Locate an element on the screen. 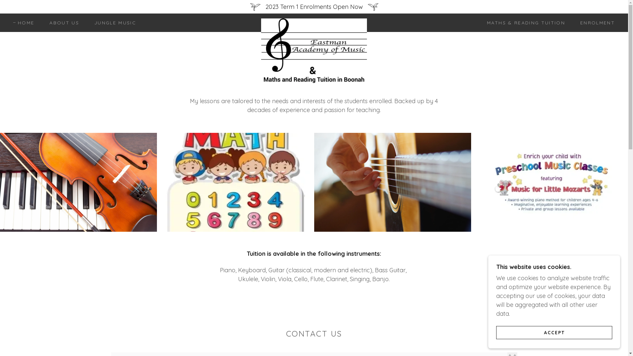 The image size is (633, 356). 'HOME' is located at coordinates (24, 22).